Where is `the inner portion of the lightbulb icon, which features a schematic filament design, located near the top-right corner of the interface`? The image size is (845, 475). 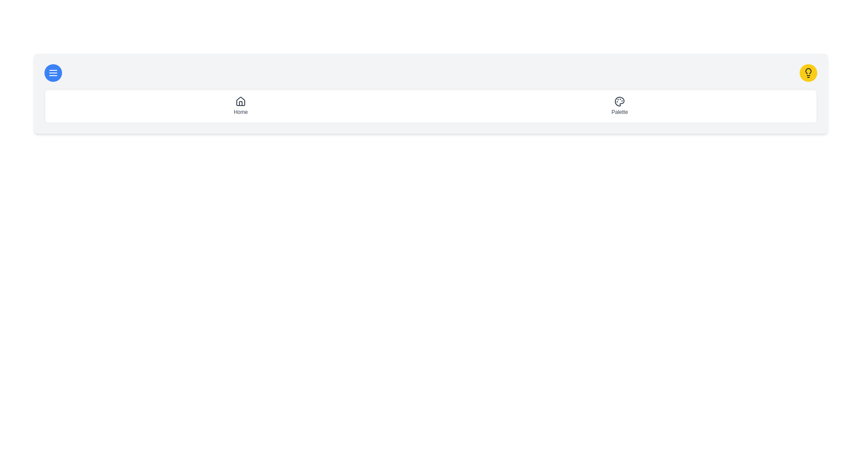 the inner portion of the lightbulb icon, which features a schematic filament design, located near the top-right corner of the interface is located at coordinates (808, 71).